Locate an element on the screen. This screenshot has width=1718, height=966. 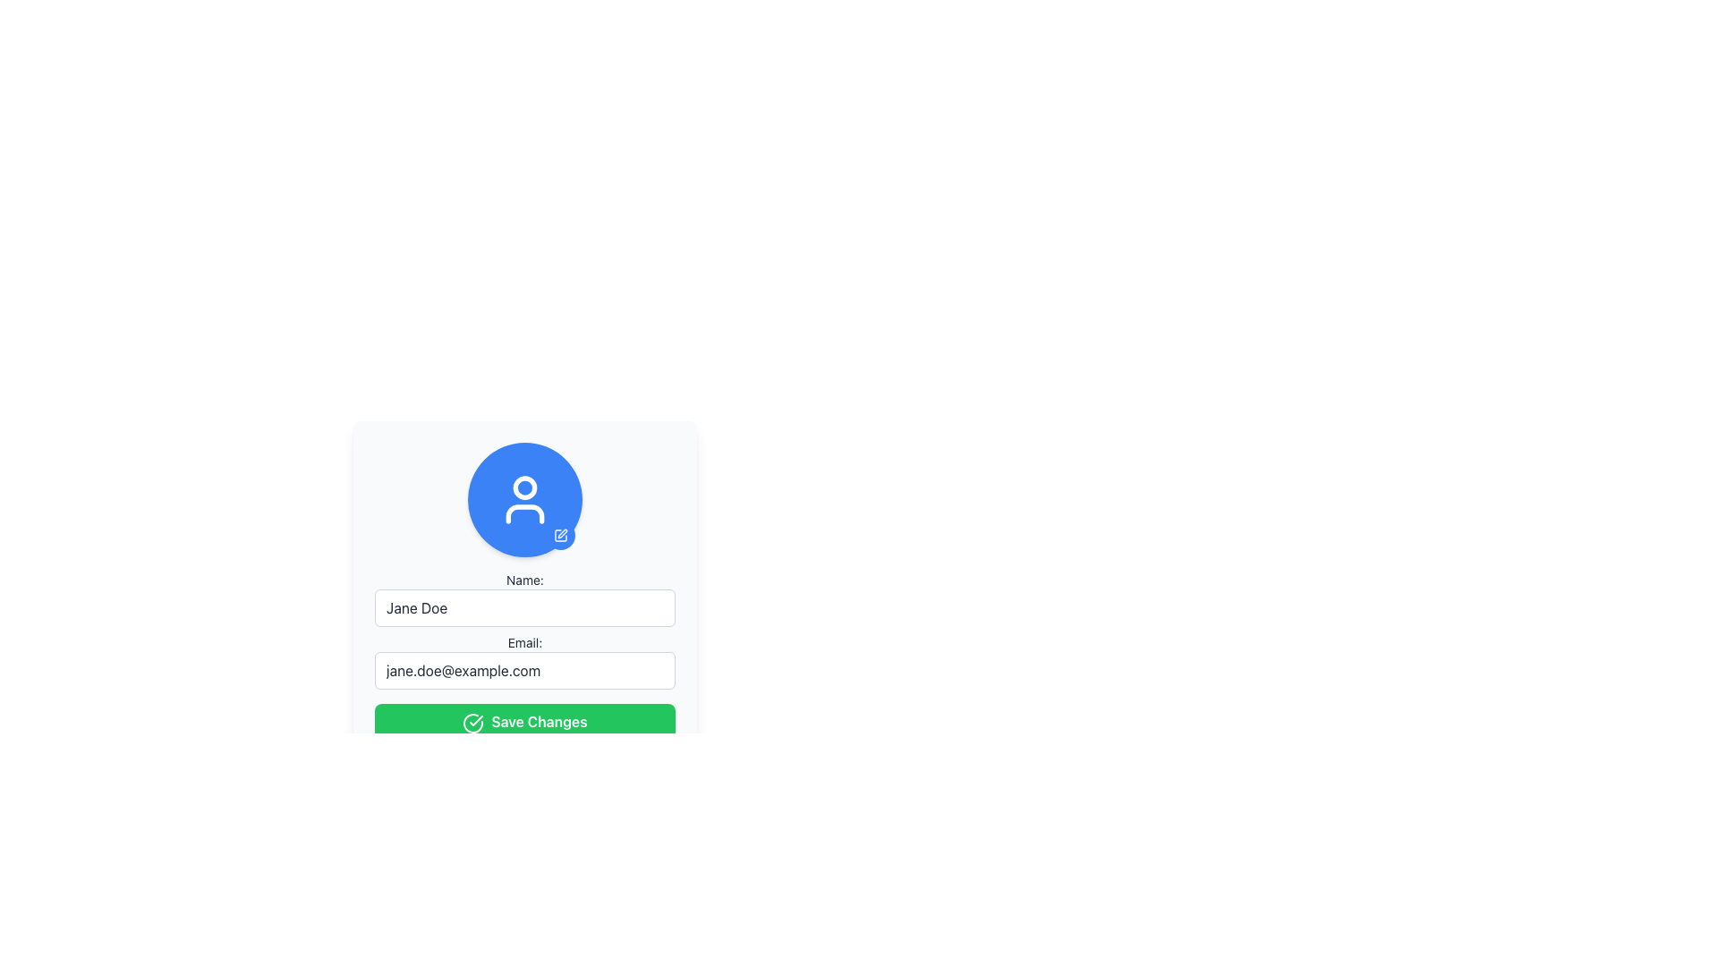
the 'Save Changes' button, which is a large button with a green background and white bold text is located at coordinates (523, 720).